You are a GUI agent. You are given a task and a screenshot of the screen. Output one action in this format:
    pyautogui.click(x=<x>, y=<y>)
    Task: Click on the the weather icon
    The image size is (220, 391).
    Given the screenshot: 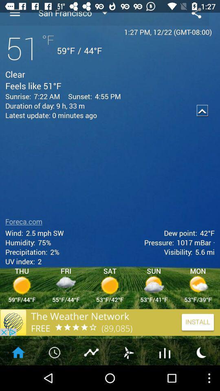 What is the action you would take?
    pyautogui.click(x=128, y=377)
    